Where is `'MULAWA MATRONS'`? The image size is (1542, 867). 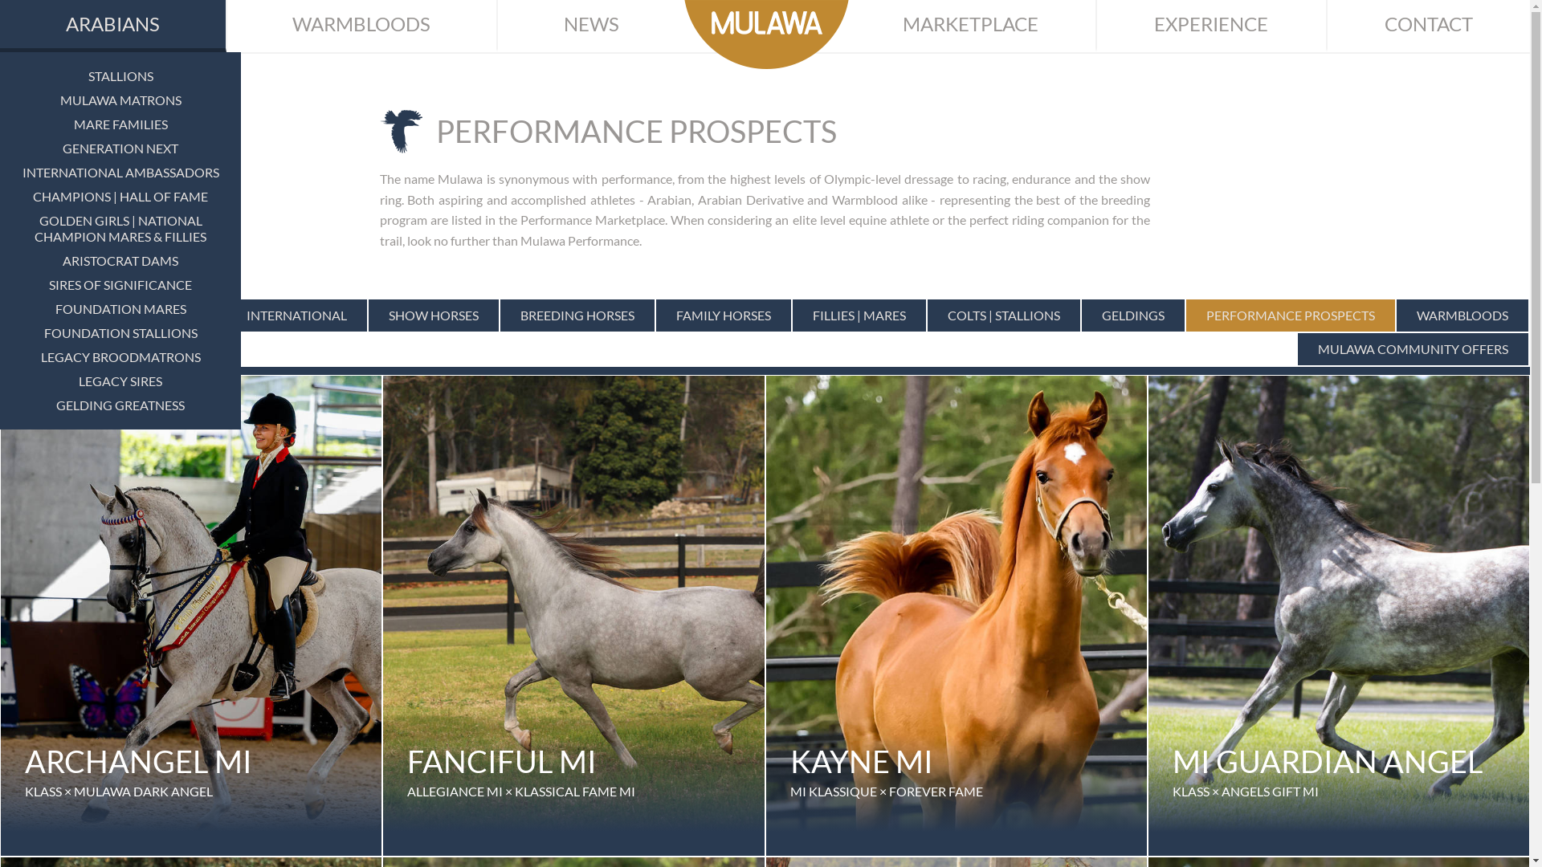 'MULAWA MATRONS' is located at coordinates (119, 100).